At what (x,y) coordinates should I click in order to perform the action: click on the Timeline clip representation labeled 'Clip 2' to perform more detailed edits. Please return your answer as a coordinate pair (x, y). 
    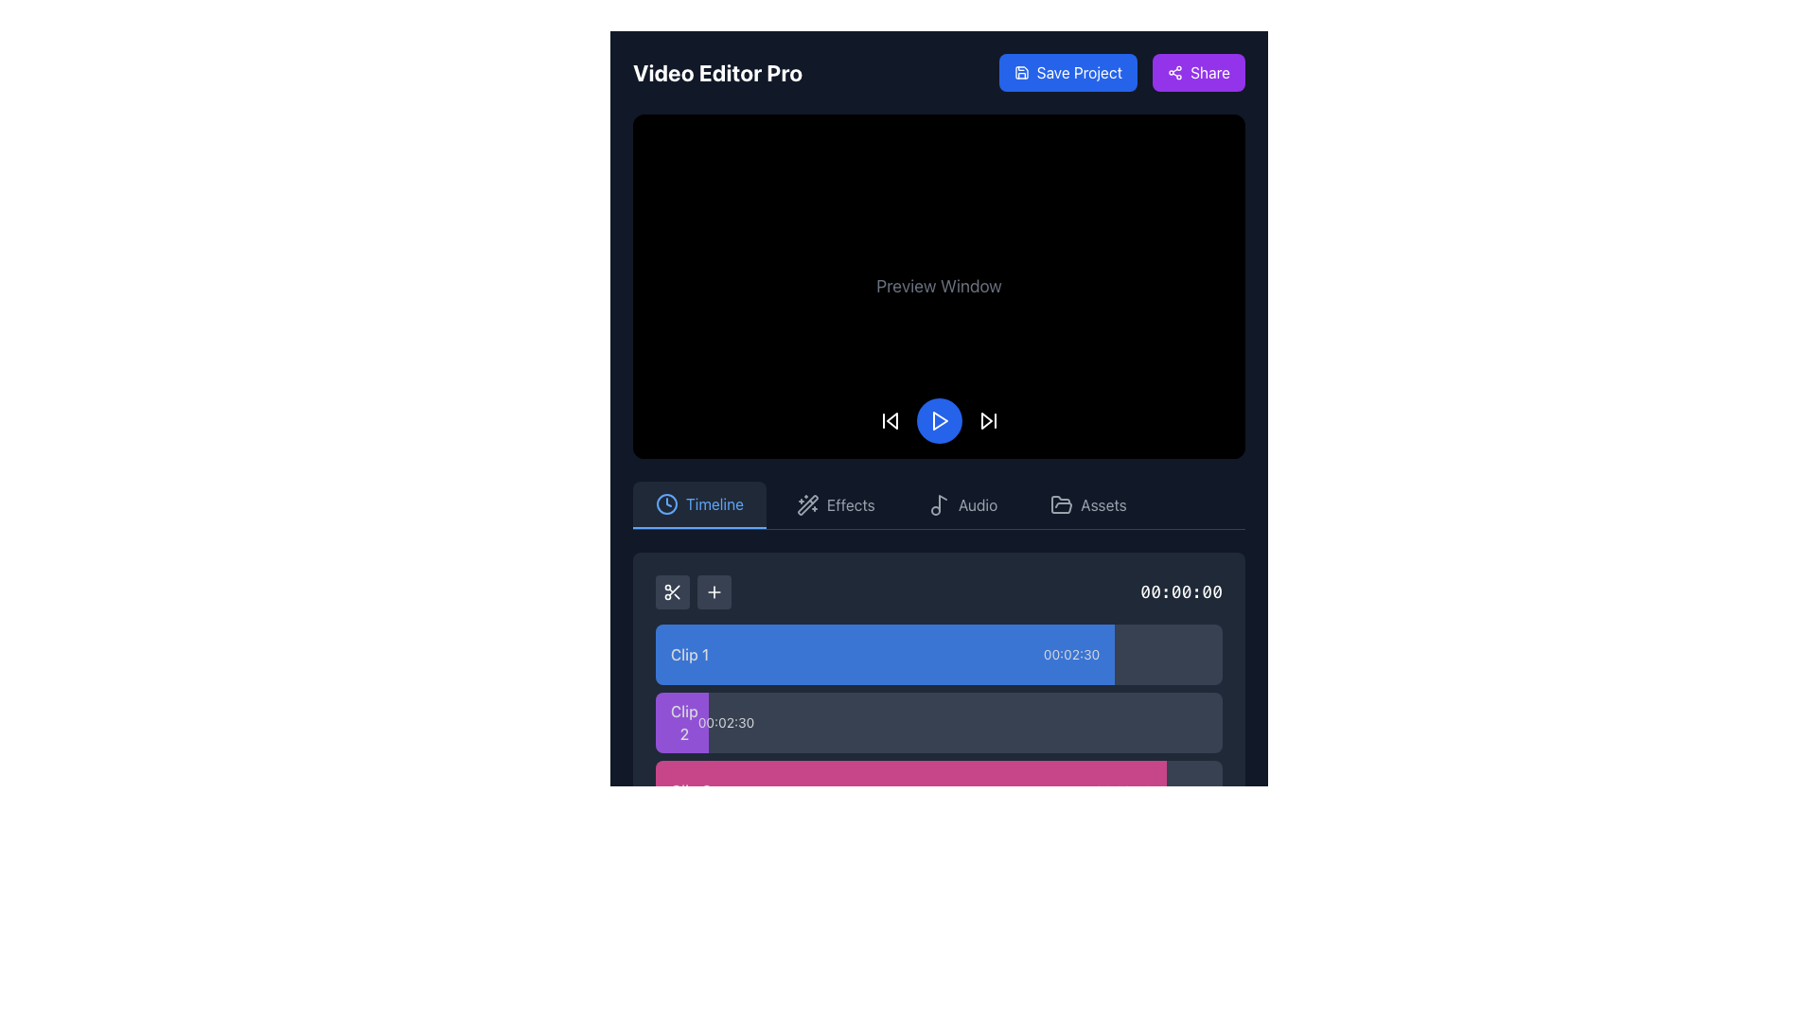
    Looking at the image, I should click on (681, 722).